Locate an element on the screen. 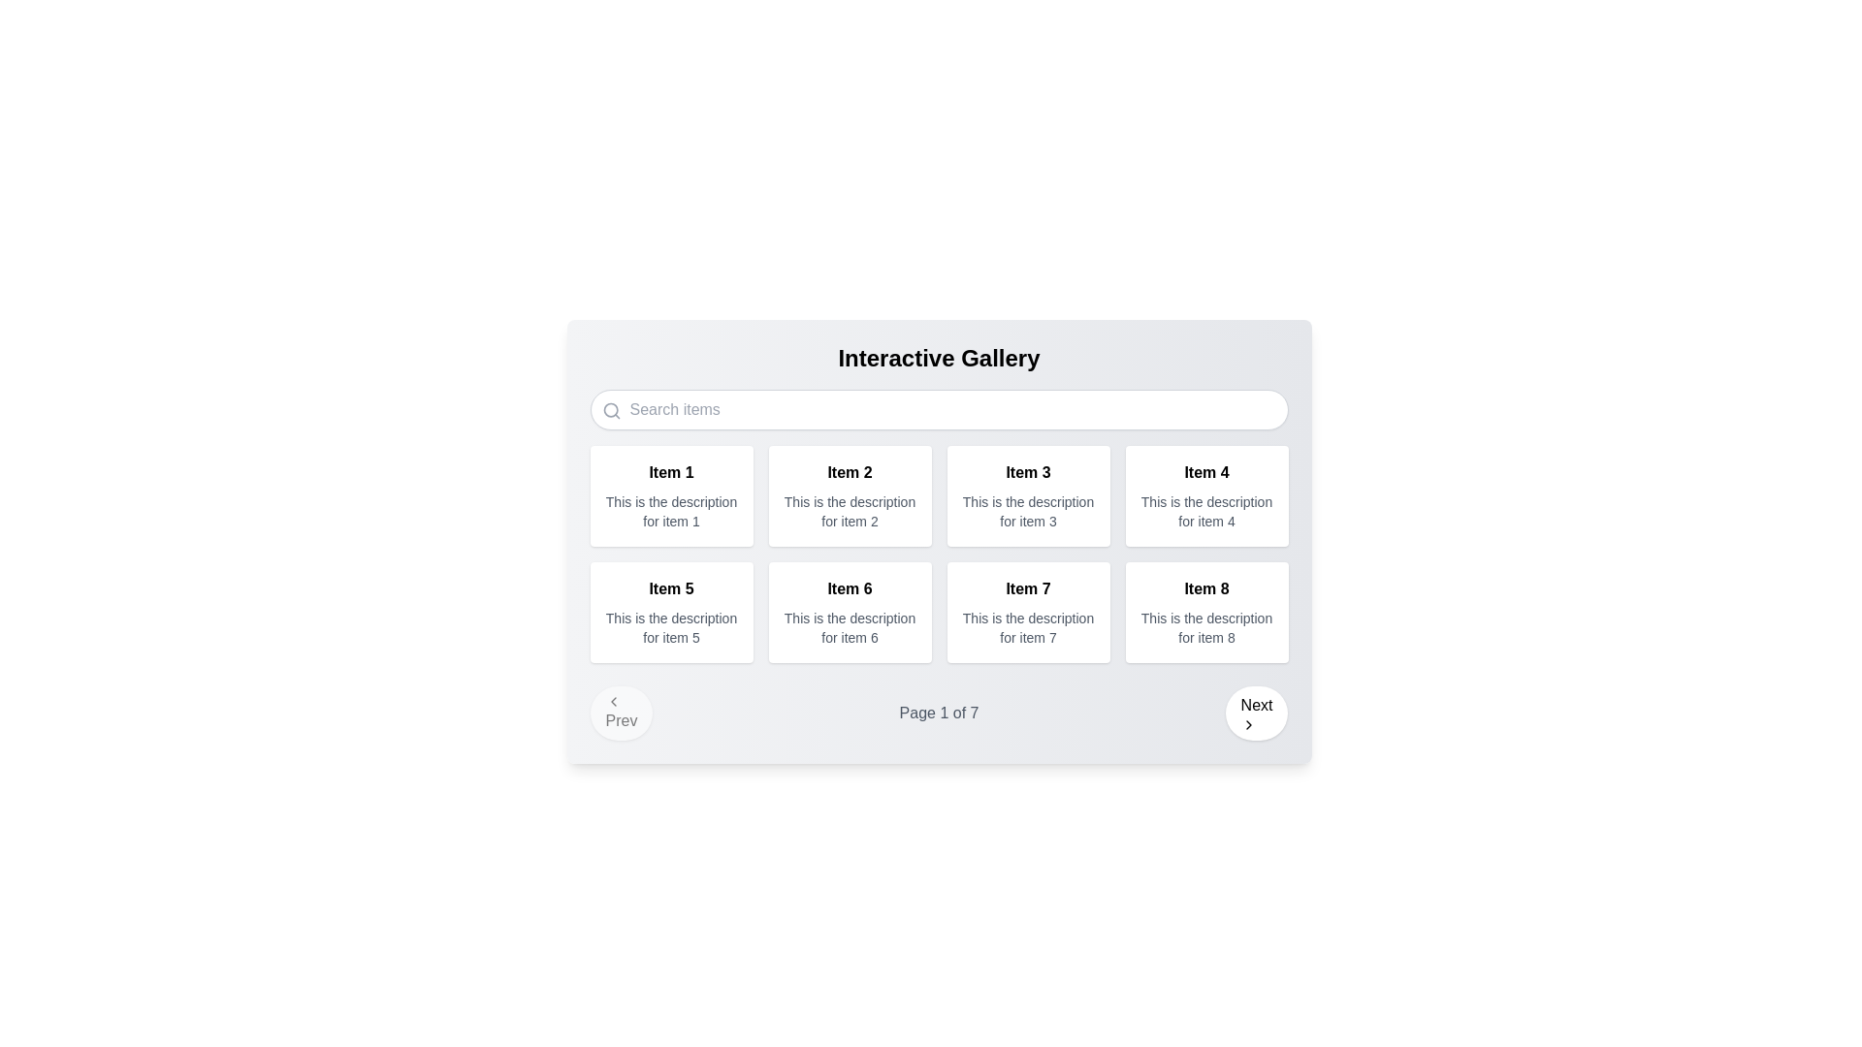 The height and width of the screenshot is (1047, 1862). the text label displaying the title of the corresponding card located on the rightmost part of the fourth row in the interactive gallery is located at coordinates (1205, 588).